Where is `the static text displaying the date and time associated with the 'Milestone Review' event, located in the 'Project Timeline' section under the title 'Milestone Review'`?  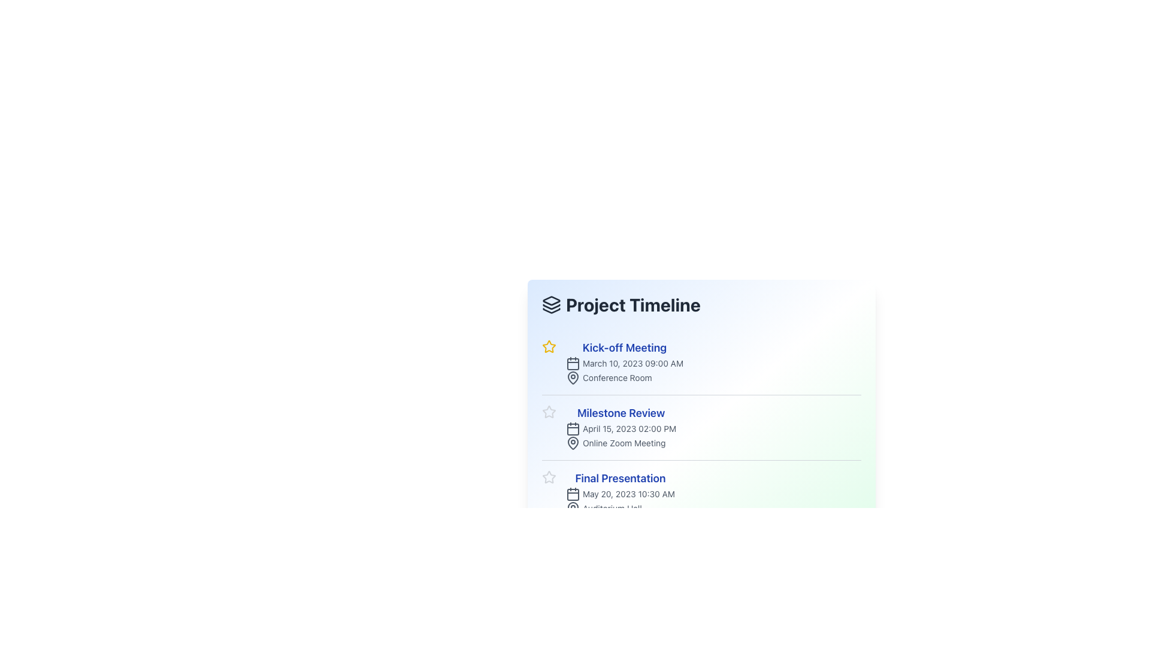 the static text displaying the date and time associated with the 'Milestone Review' event, located in the 'Project Timeline' section under the title 'Milestone Review' is located at coordinates (621, 428).